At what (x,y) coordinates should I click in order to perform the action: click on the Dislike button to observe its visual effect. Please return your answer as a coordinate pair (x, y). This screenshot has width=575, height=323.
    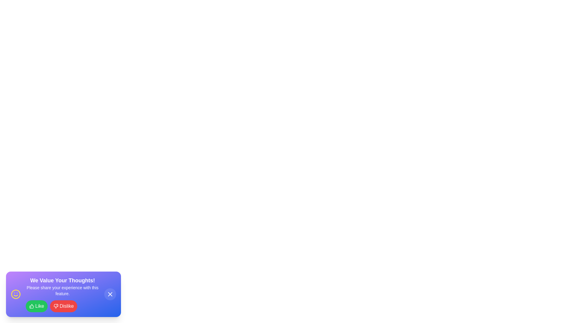
    Looking at the image, I should click on (63, 306).